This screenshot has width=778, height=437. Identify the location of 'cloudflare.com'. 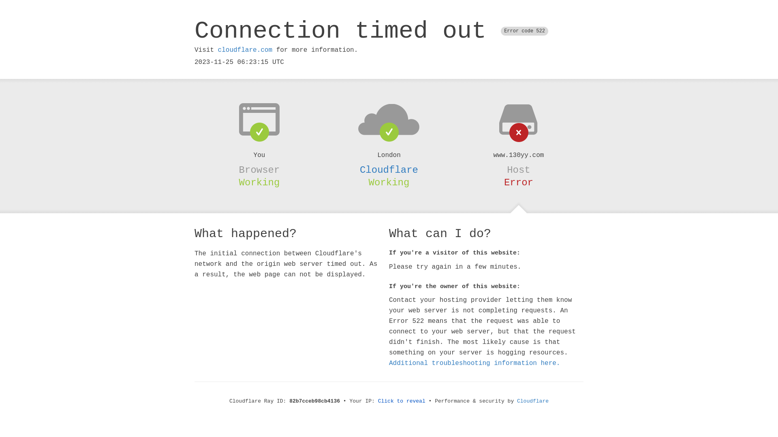
(244, 50).